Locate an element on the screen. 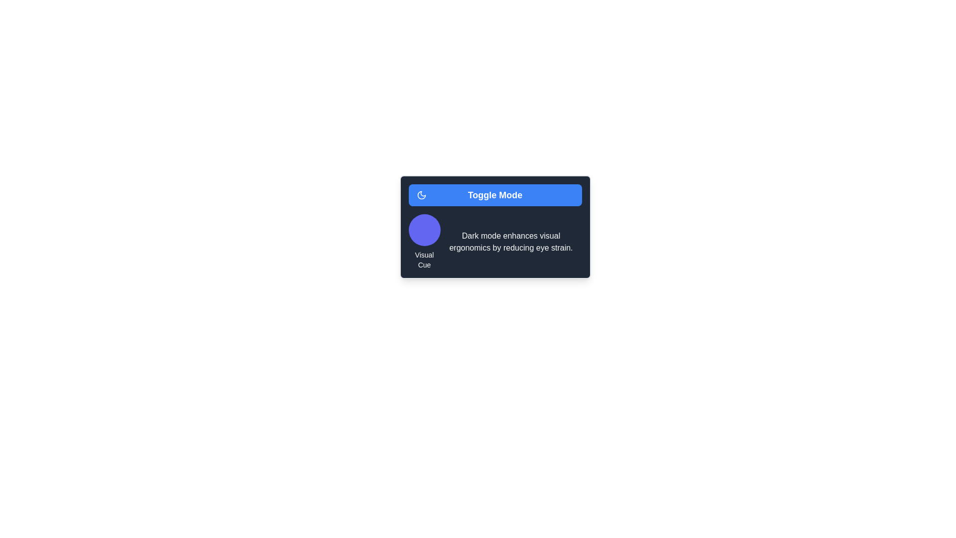 Image resolution: width=956 pixels, height=538 pixels. text content of the informational text block about the visual ergonomics of dark mode, which is located to the right of a circular visual indicator and below the 'Toggle Mode' button is located at coordinates (511, 242).